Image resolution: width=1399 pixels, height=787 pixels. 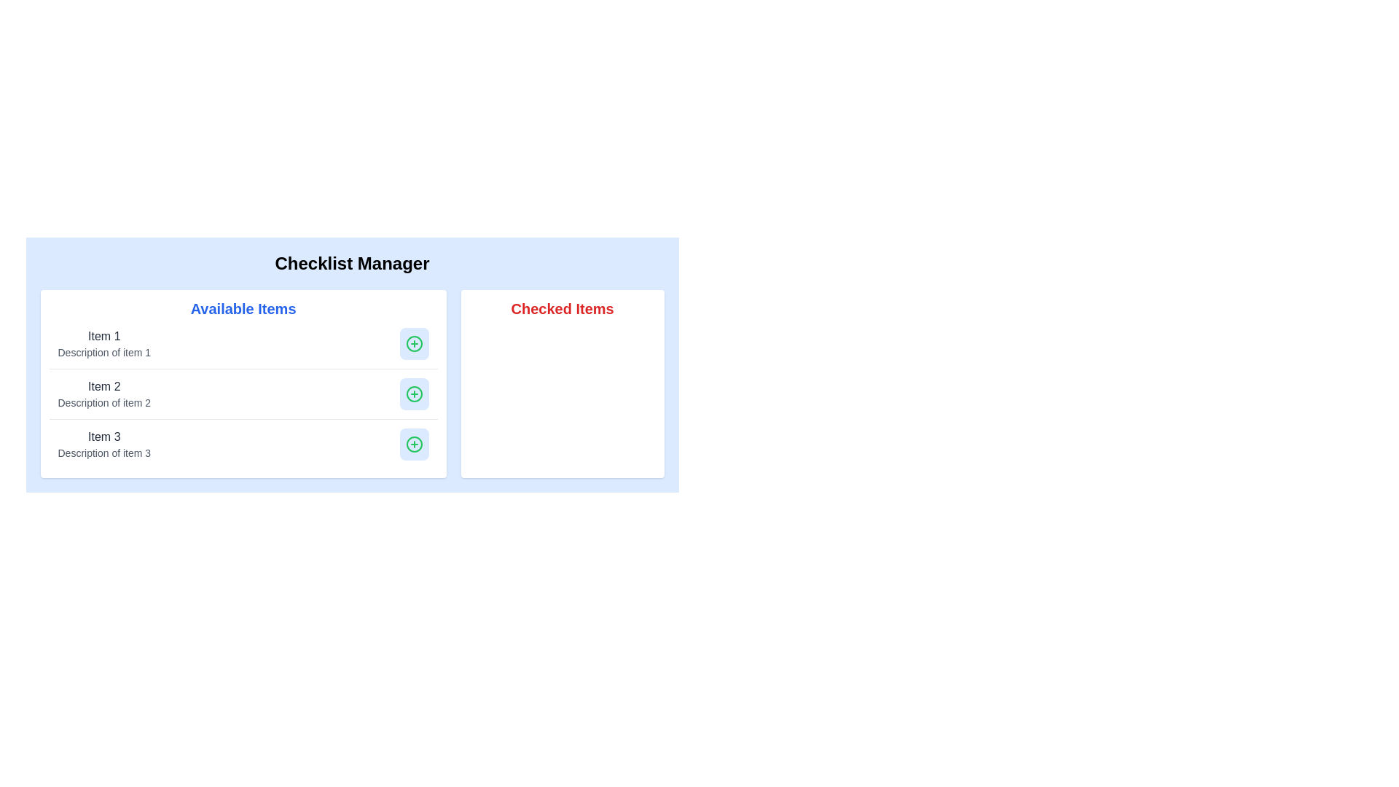 I want to click on the button associated with 'Item 3' located in the 'Available Items' section of the 'Checklist Manager', so click(x=413, y=443).